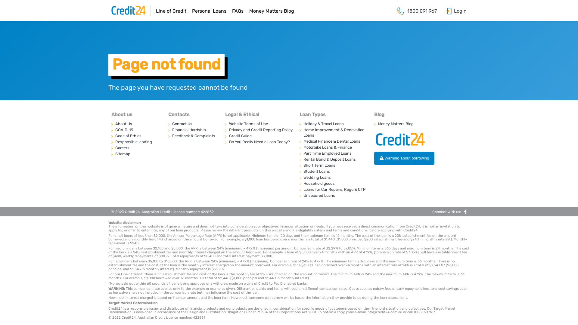 The height and width of the screenshot is (325, 578). I want to click on 'Home Improvement & Renovation Loans', so click(299, 132).